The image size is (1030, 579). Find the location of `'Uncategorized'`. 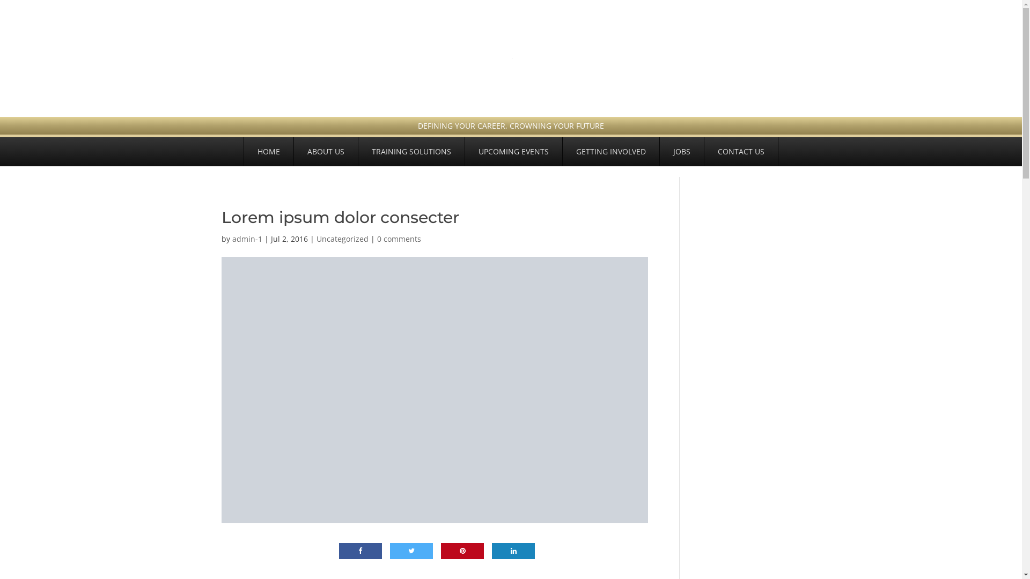

'Uncategorized' is located at coordinates (342, 238).